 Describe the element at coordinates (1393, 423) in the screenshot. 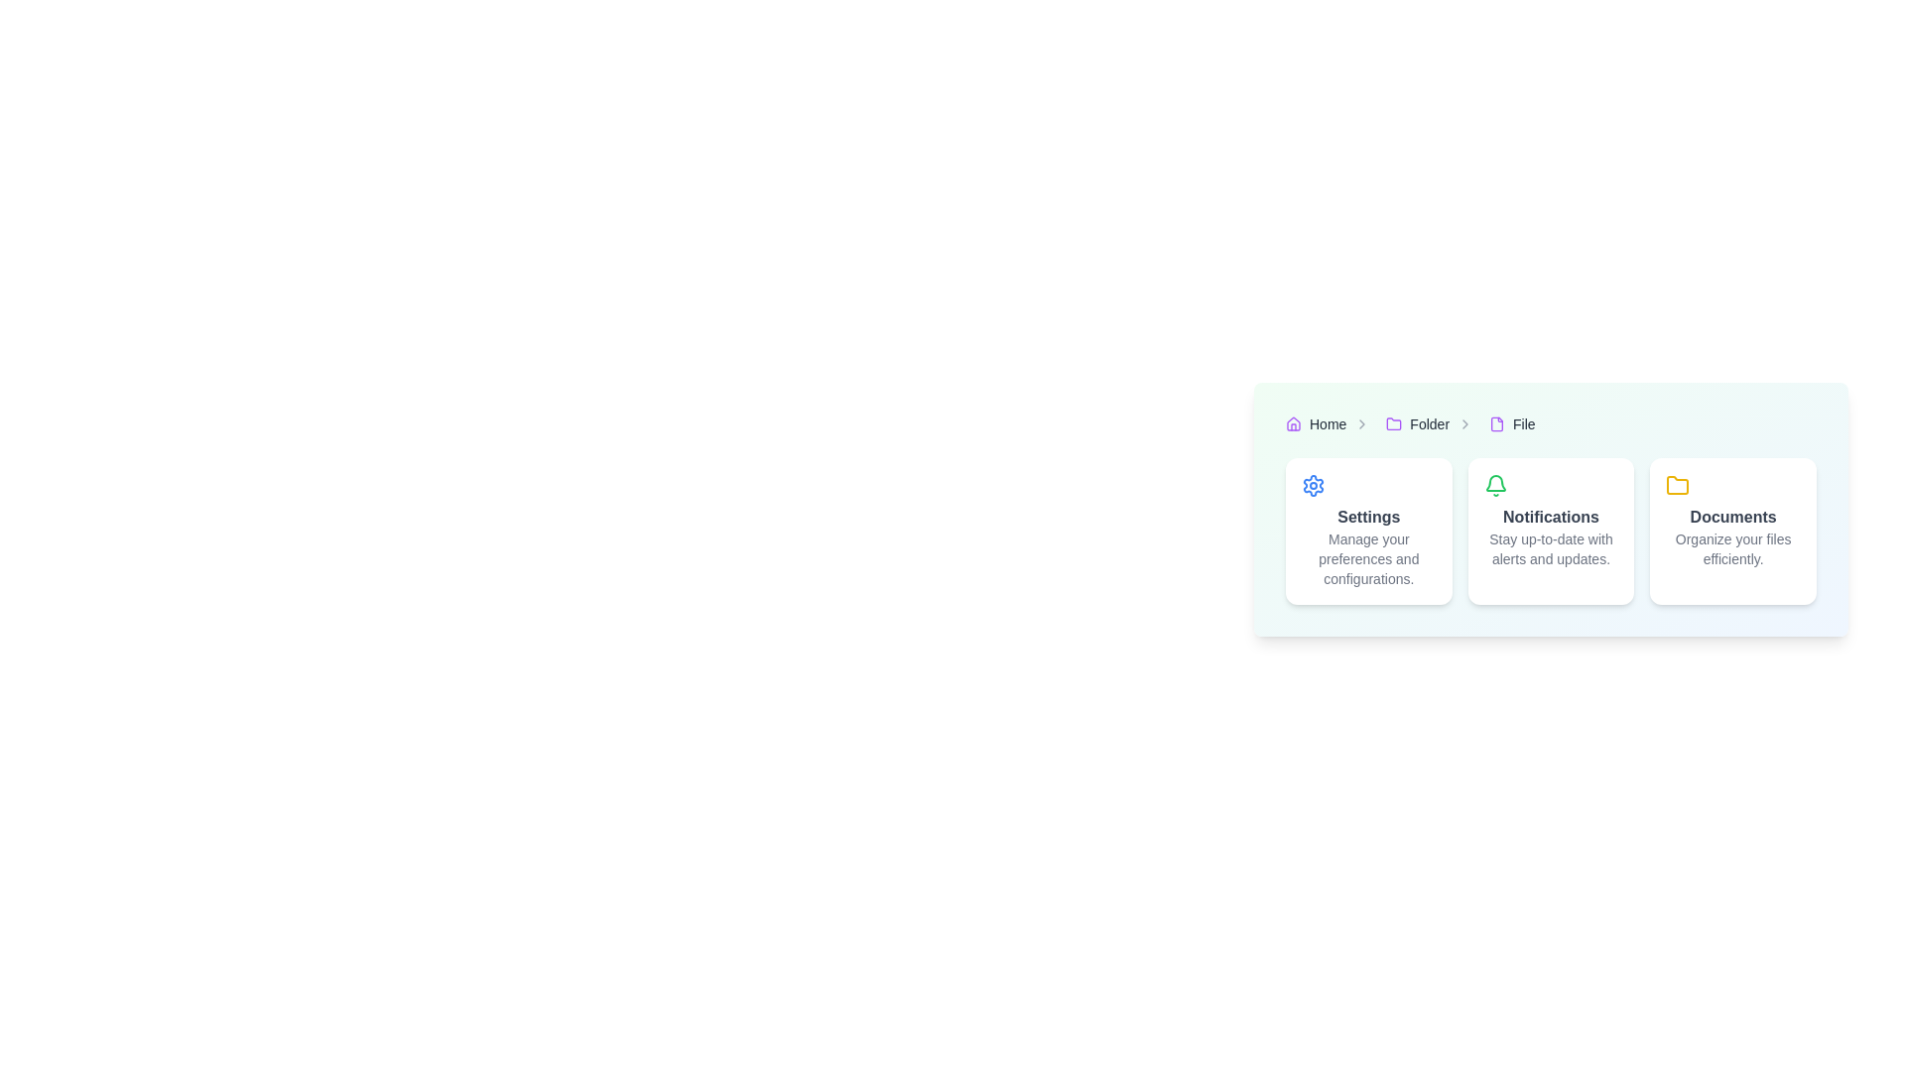

I see `the folder icon in the breadcrumb navigation bar, which visually represents the current directory labeled 'Folder'` at that location.